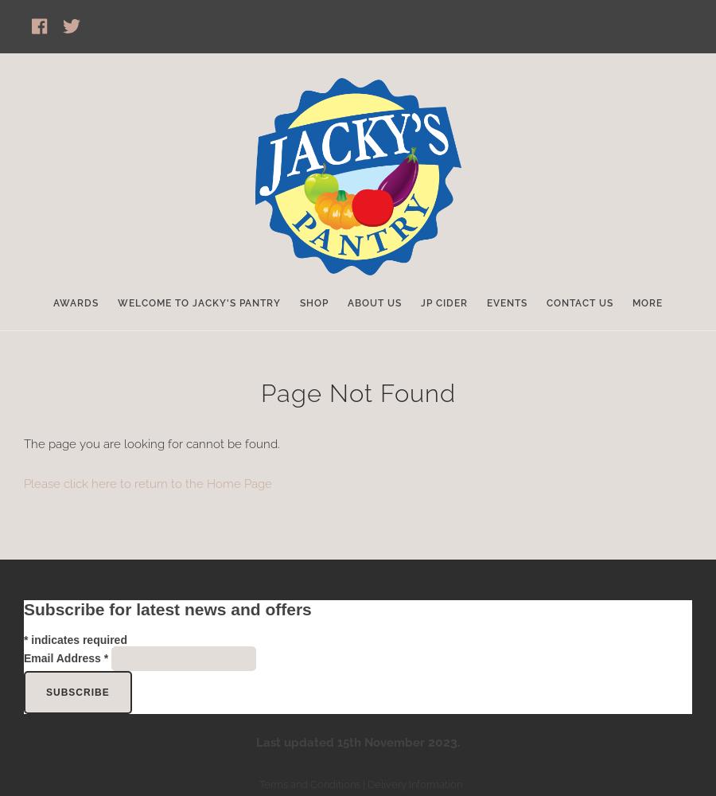 Image resolution: width=716 pixels, height=796 pixels. I want to click on 'Welcome to Jacky's Pantry', so click(117, 303).